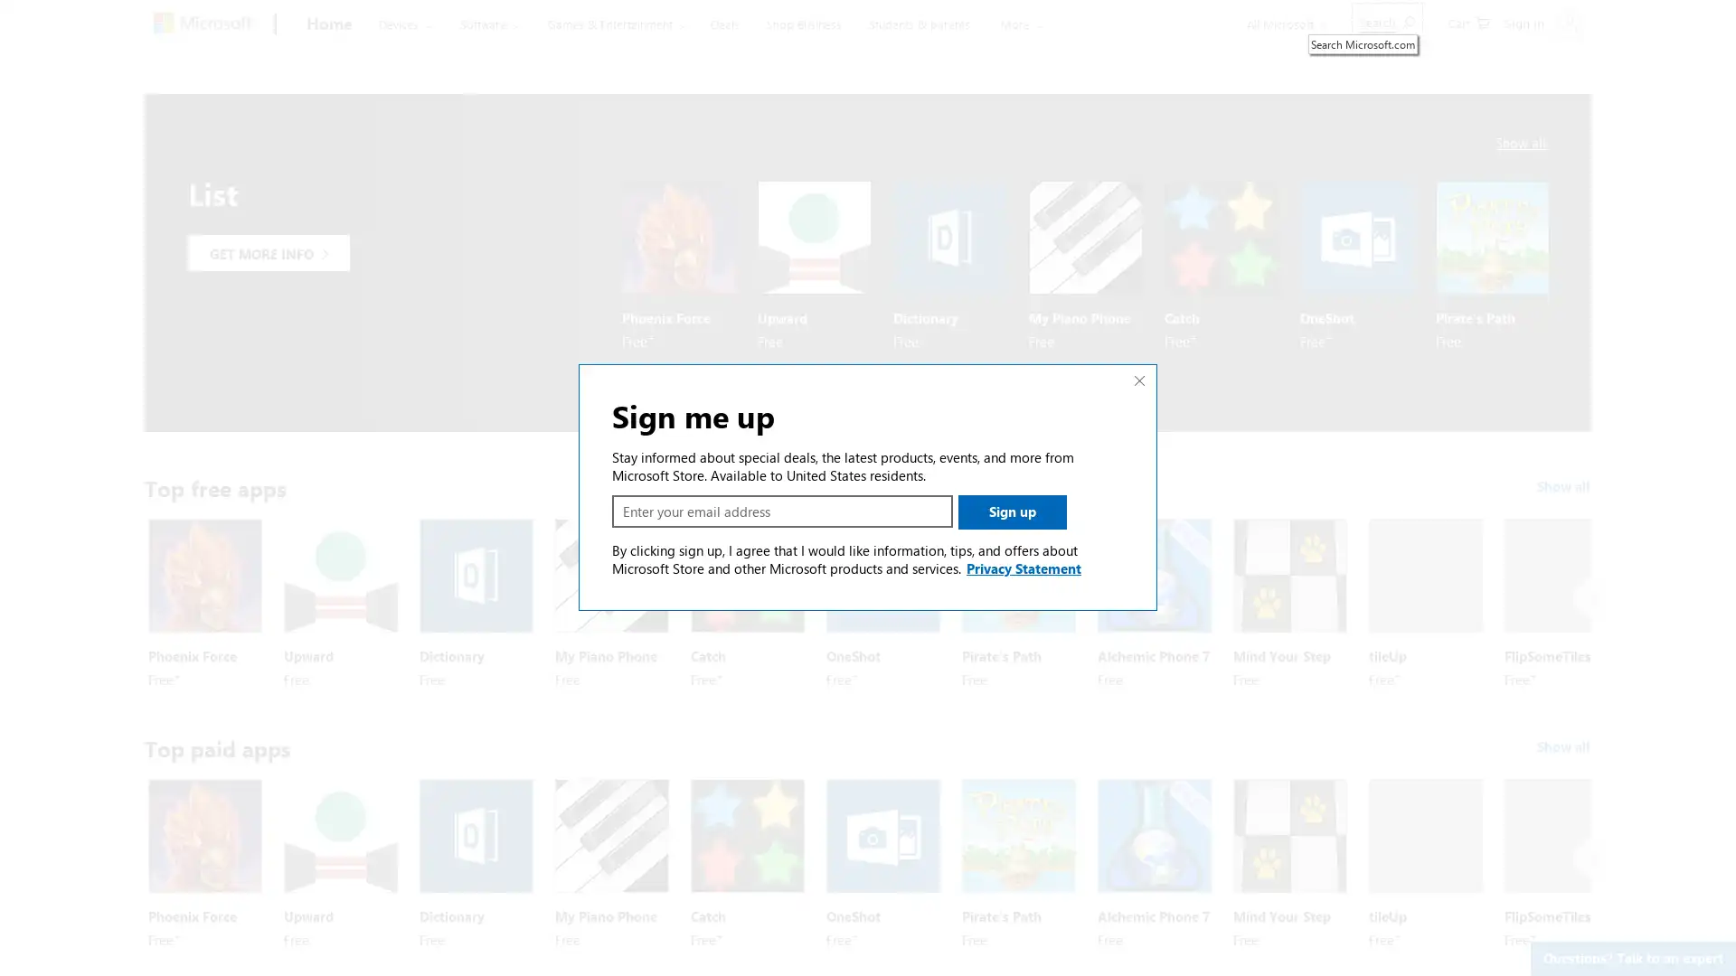  Describe the element at coordinates (486, 23) in the screenshot. I see `Software` at that location.